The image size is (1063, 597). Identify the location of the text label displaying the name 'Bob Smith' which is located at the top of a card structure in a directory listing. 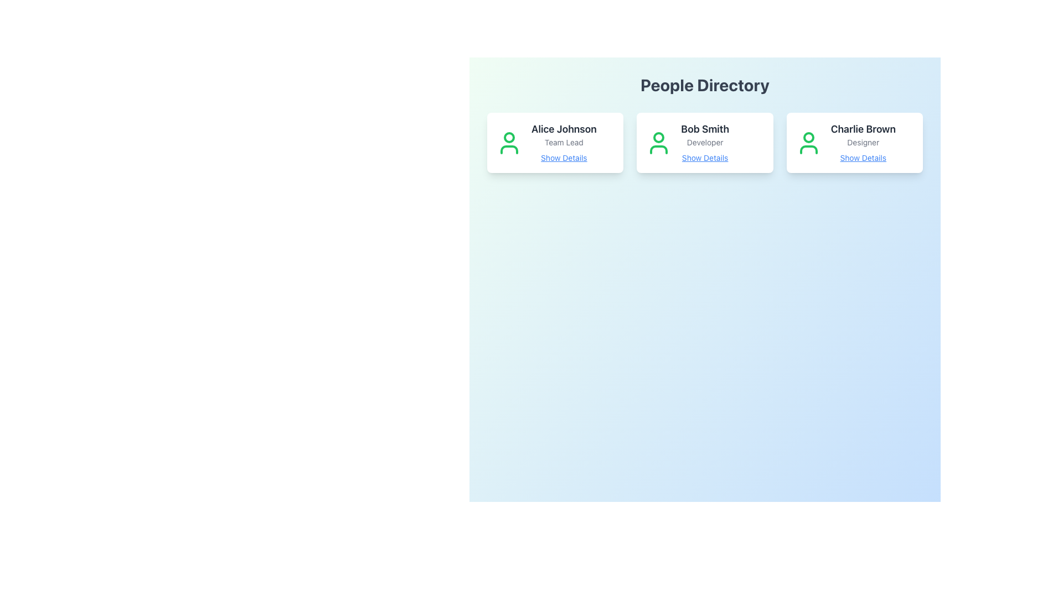
(704, 129).